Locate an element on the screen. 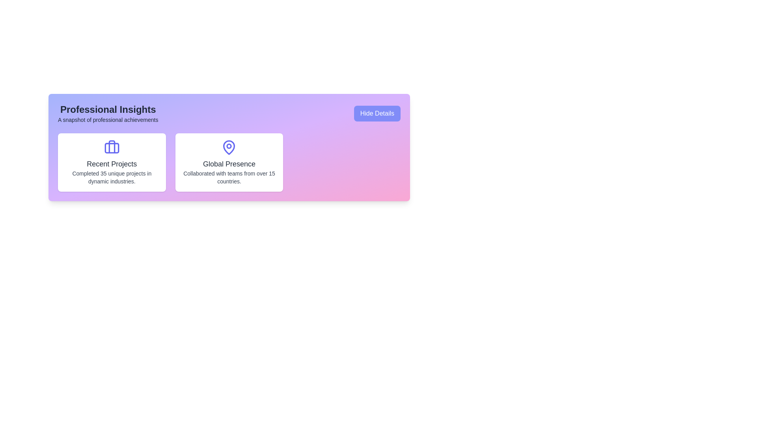  the global presence icon located at the top of the 'Global Presence' card, which is aligned with the text 'Collaborated with teams from over 15 countries.' is located at coordinates (229, 148).